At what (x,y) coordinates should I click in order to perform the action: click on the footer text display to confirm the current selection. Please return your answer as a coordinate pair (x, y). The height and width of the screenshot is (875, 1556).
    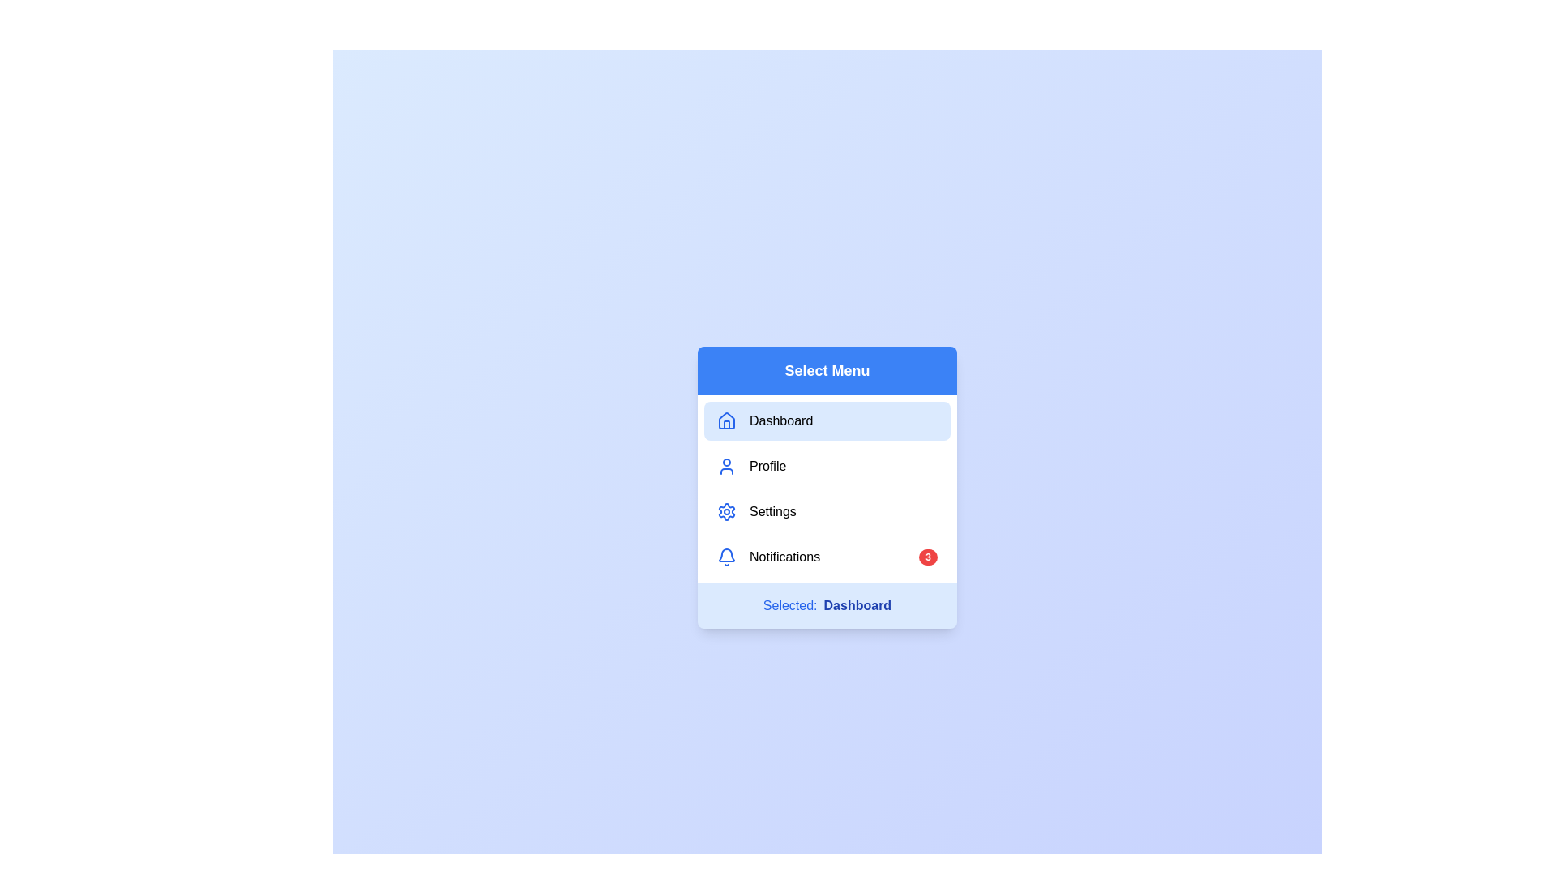
    Looking at the image, I should click on (827, 606).